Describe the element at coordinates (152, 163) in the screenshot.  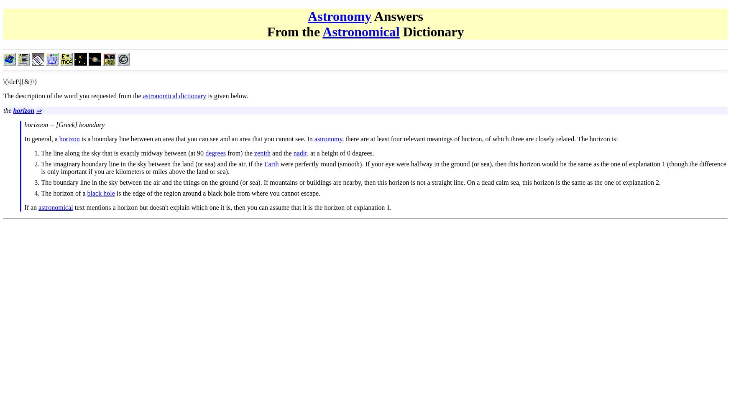
I see `'The imaginary boundary line in the sky between the land (or sea)
and the air, if the'` at that location.